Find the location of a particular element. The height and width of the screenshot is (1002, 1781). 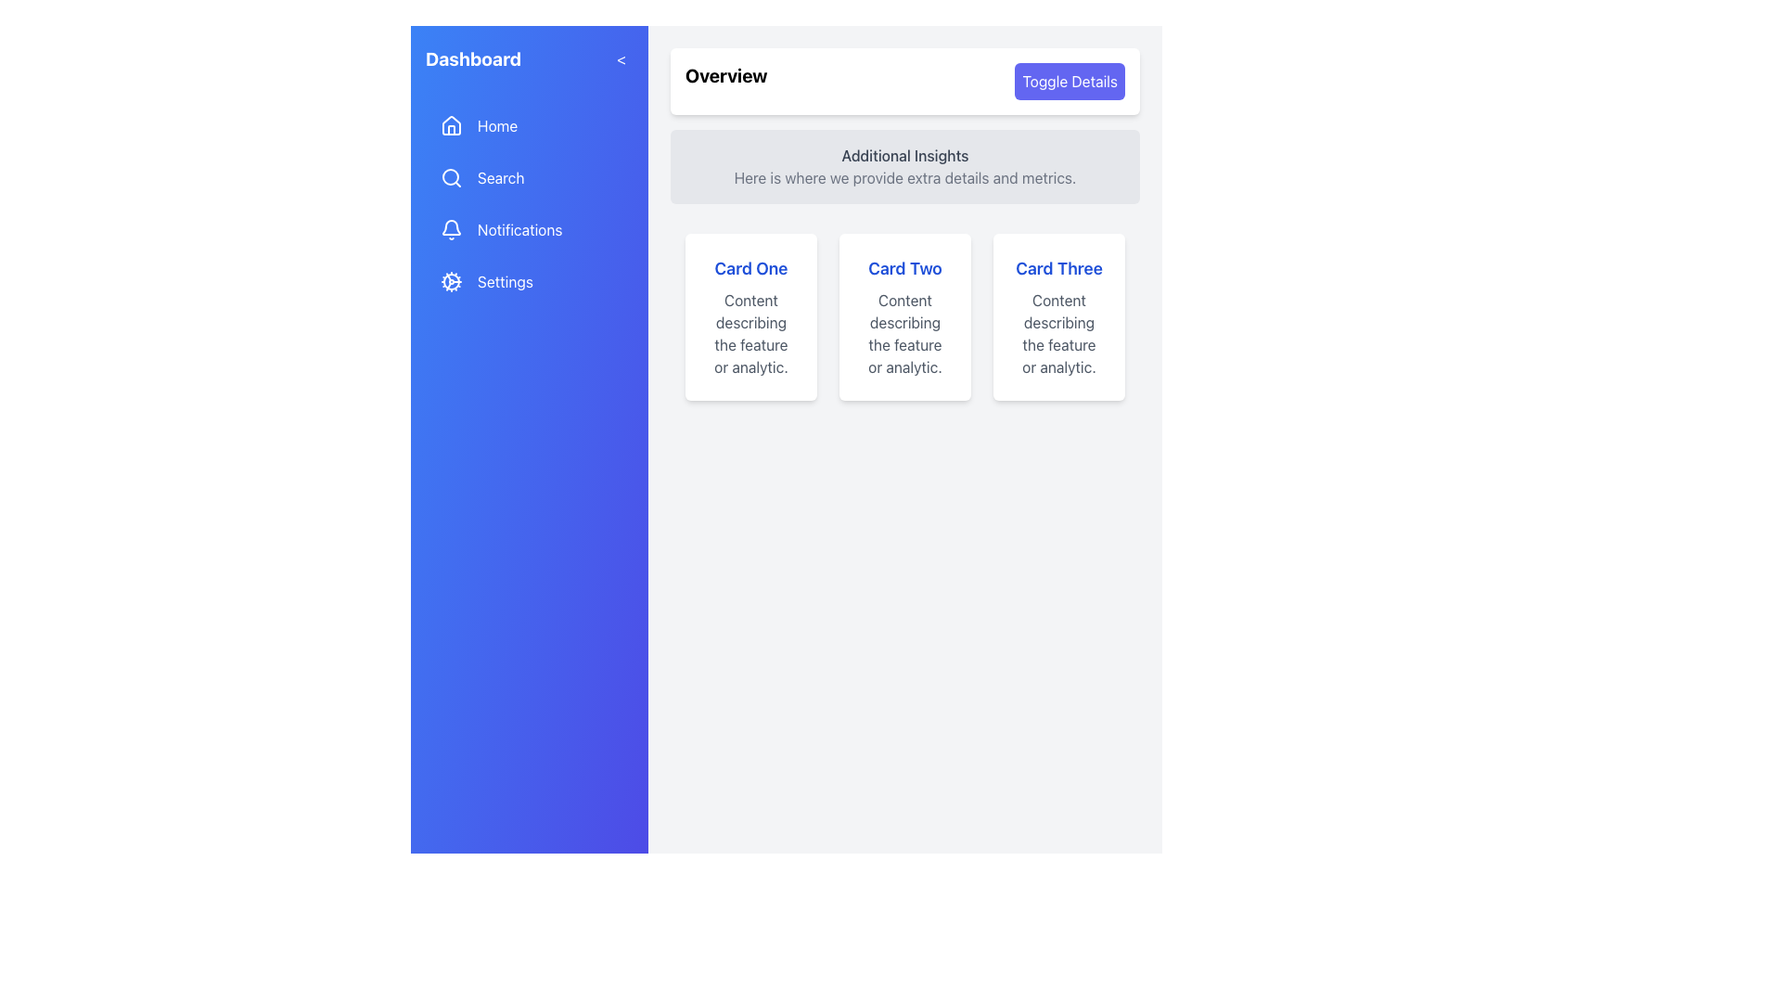

the rectangular button with a solid indigo background and white text labeled 'Toggle Details' is located at coordinates (1070, 81).